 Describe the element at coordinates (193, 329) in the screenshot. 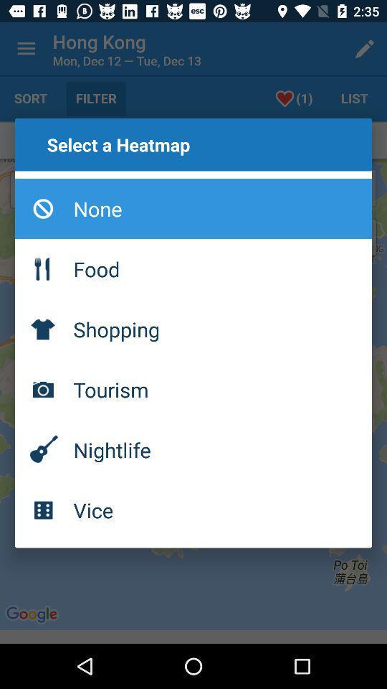

I see `the item below the food` at that location.